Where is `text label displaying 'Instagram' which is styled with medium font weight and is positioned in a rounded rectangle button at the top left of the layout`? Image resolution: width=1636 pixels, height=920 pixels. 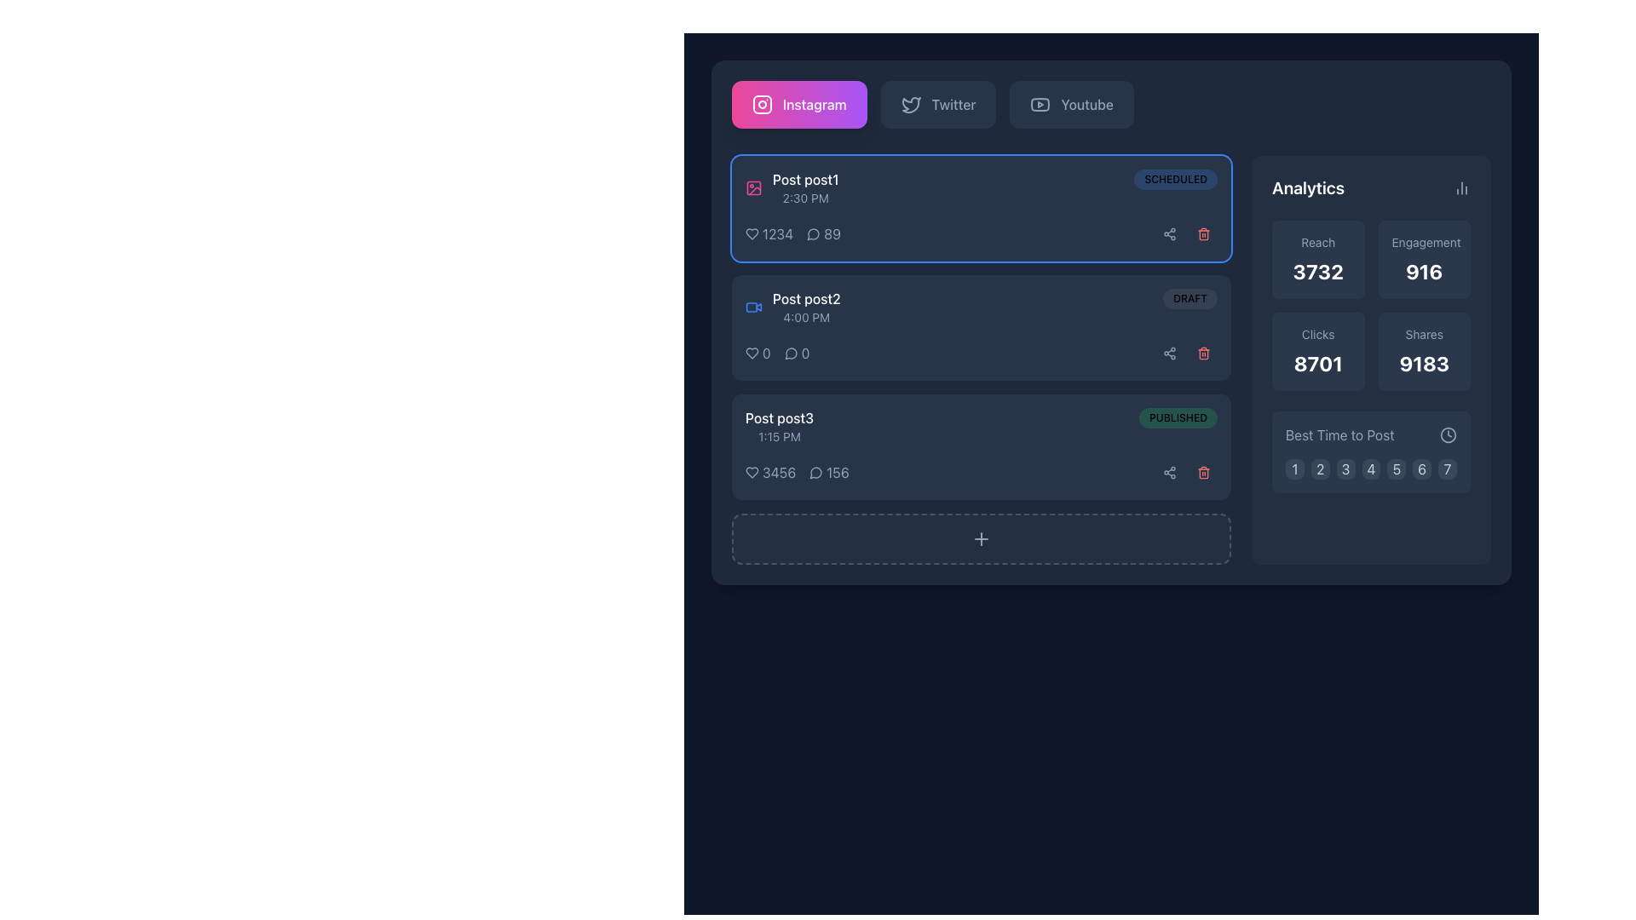
text label displaying 'Instagram' which is styled with medium font weight and is positioned in a rounded rectangle button at the top left of the layout is located at coordinates (814, 105).